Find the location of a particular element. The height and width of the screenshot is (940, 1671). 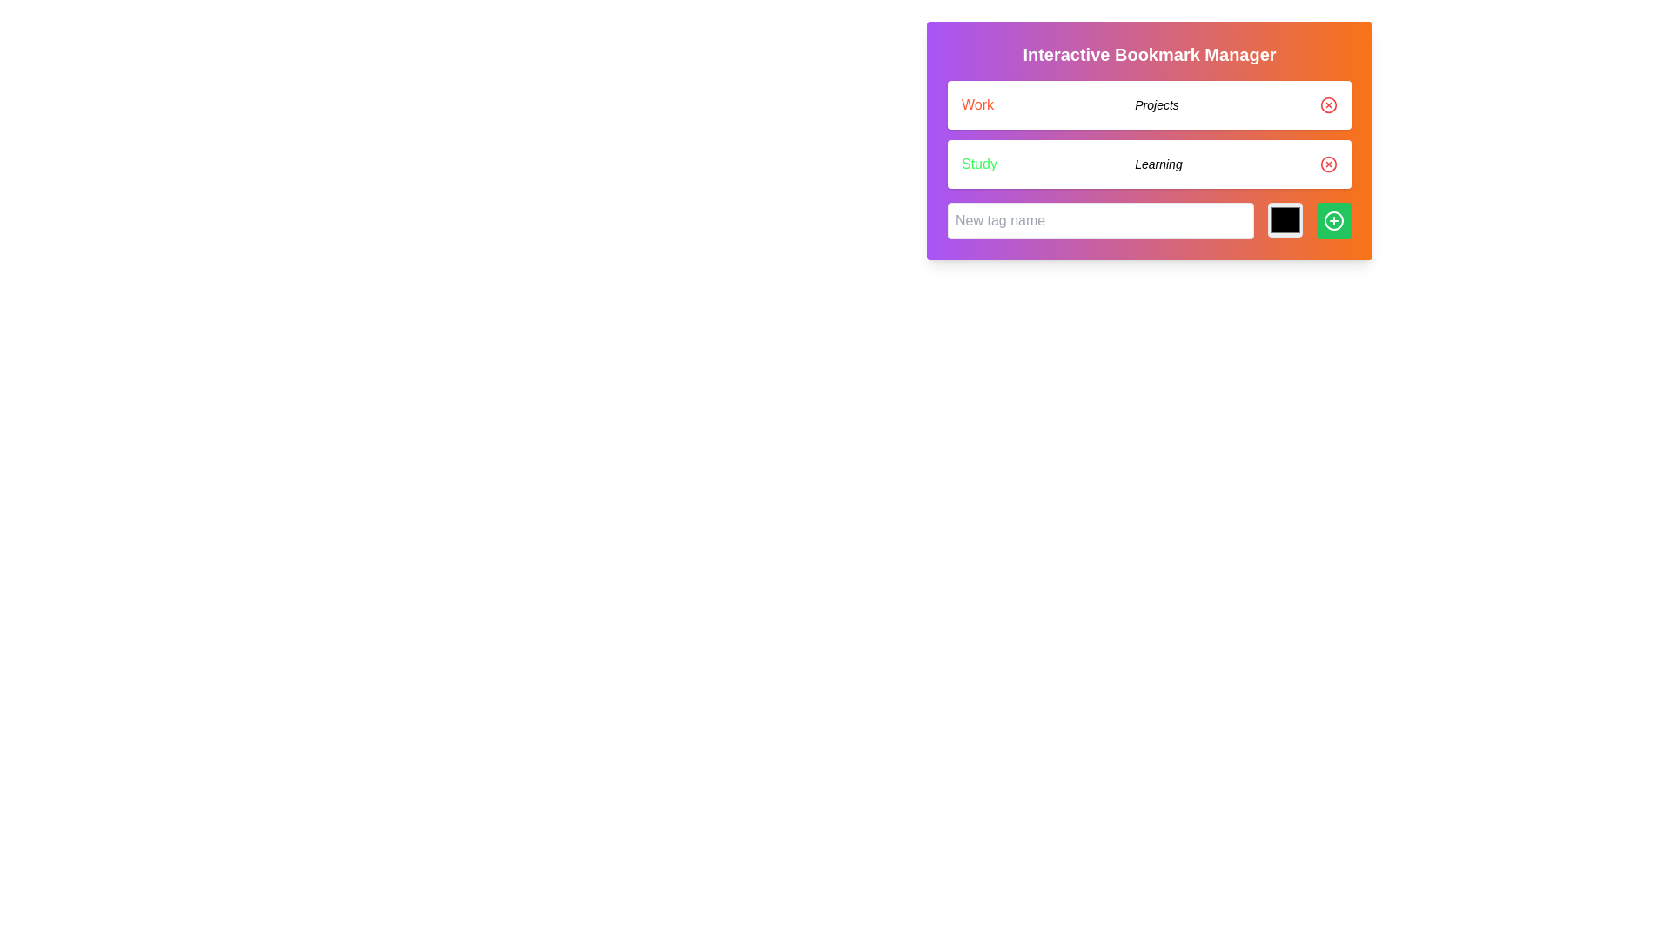

the interactive green rectangular button icon located at the bottom right corner of the interactive panel is located at coordinates (1332, 220).